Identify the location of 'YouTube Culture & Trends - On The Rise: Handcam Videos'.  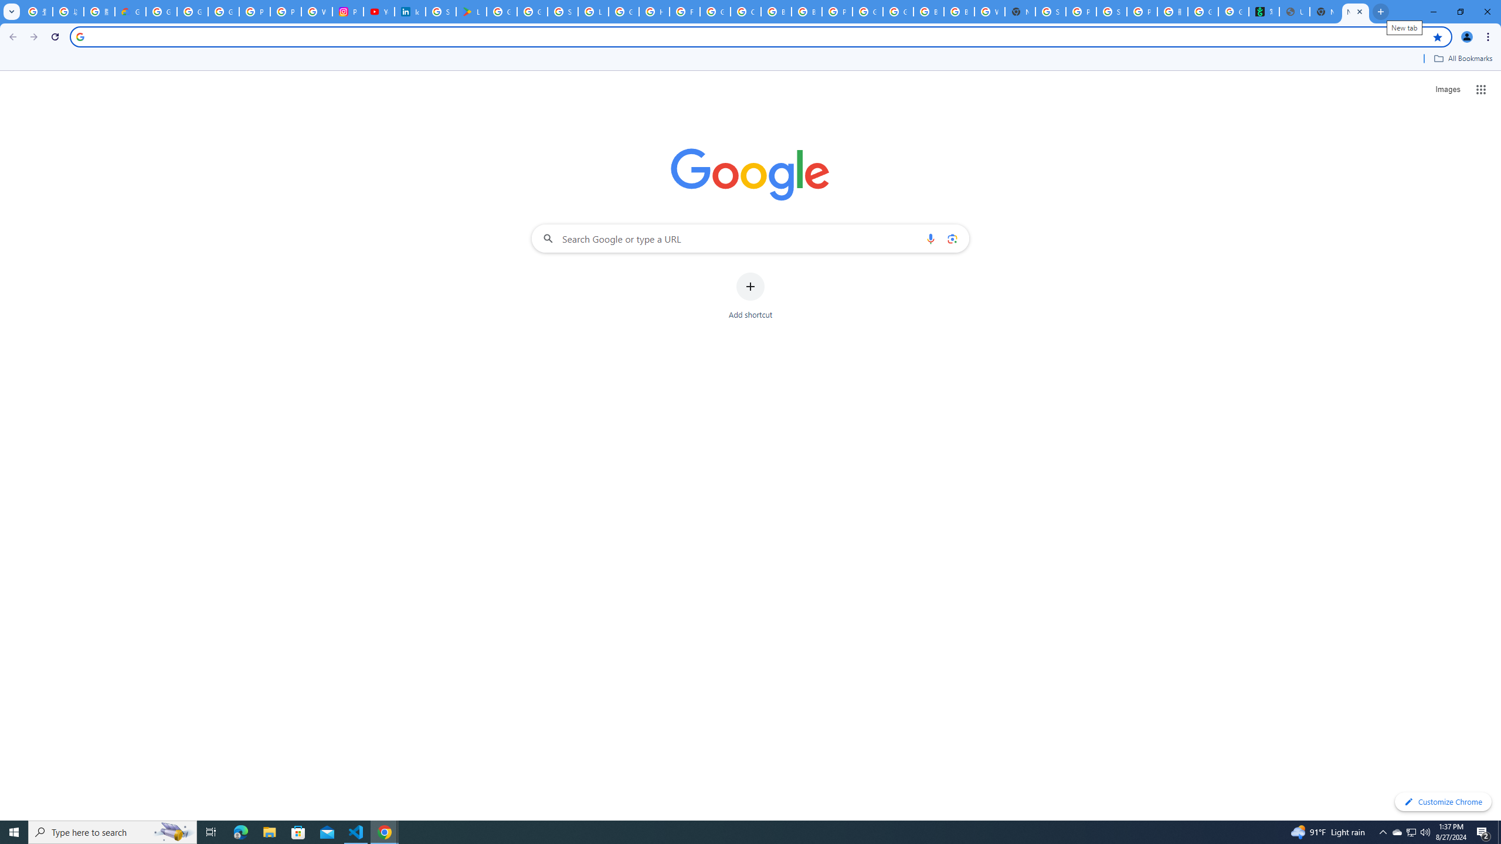
(378, 11).